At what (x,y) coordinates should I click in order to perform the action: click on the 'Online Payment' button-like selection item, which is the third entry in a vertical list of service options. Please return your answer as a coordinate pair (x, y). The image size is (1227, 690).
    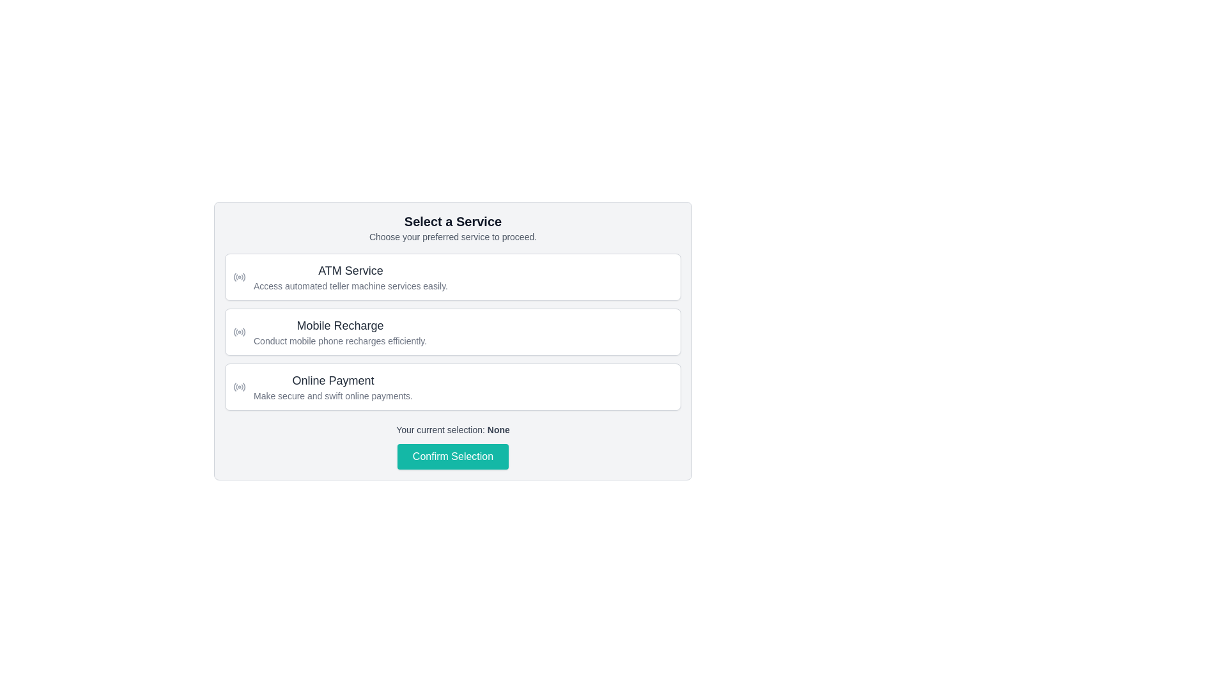
    Looking at the image, I should click on (453, 386).